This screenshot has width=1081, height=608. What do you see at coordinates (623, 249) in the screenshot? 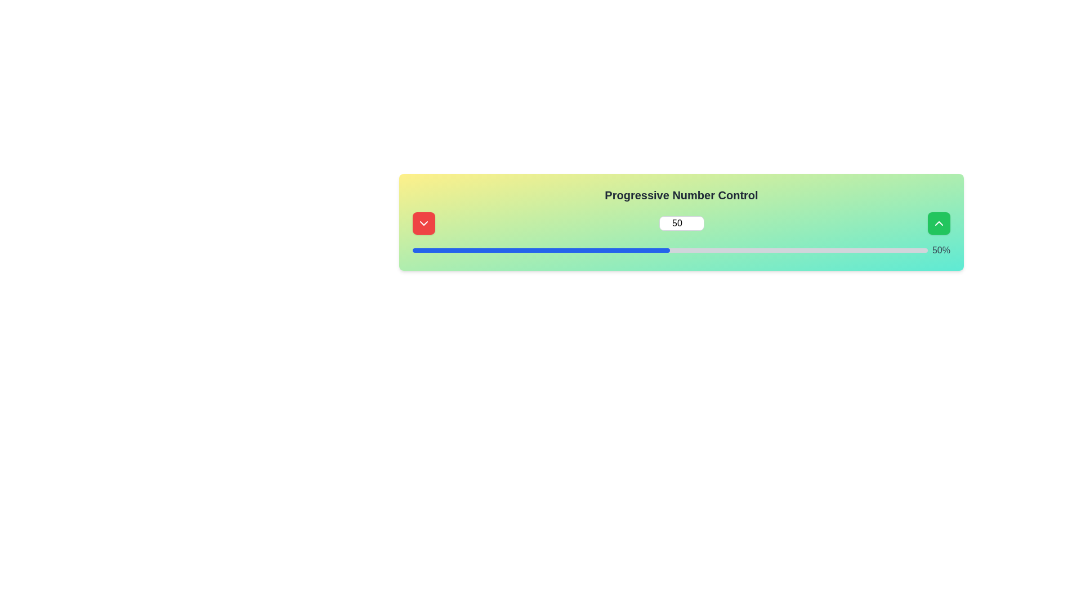
I see `the slider` at bounding box center [623, 249].